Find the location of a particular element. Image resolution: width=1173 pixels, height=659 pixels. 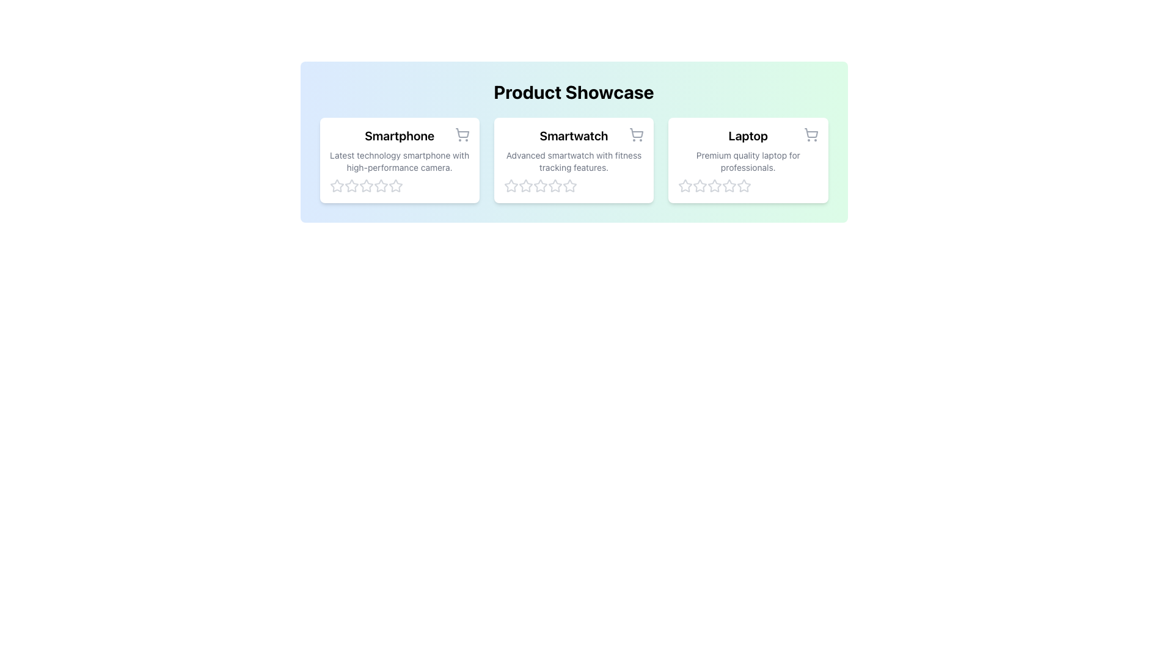

the third star in the horizontal sequence of five stars on the Laptop product card to trigger the interaction effect is located at coordinates (700, 185).